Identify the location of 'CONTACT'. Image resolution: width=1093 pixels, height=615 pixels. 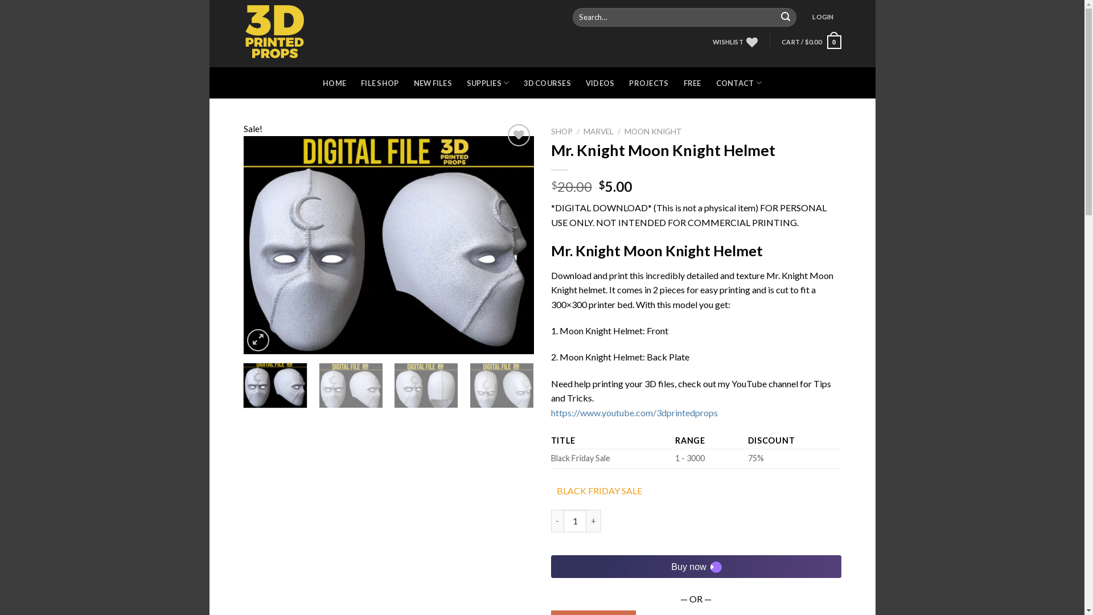
(738, 82).